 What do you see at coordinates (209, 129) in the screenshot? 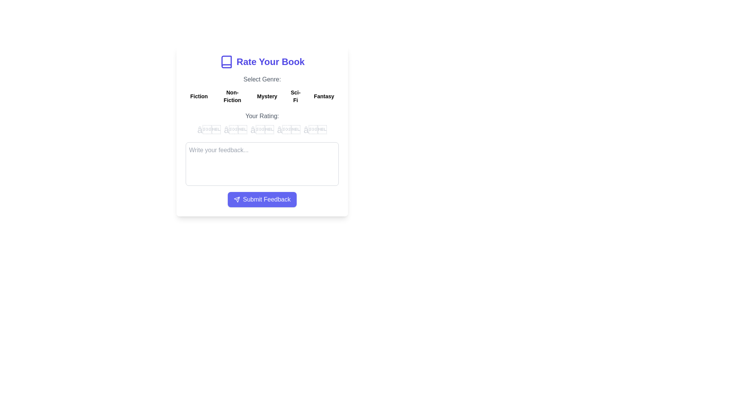
I see `the first star icon in the rating system` at bounding box center [209, 129].